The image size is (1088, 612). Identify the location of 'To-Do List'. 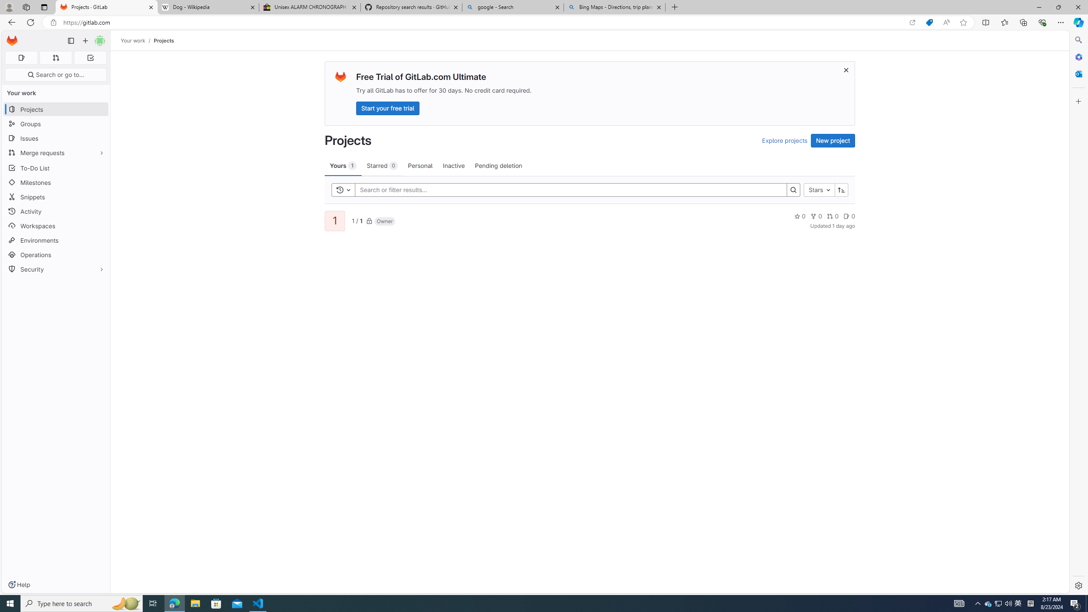
(55, 167).